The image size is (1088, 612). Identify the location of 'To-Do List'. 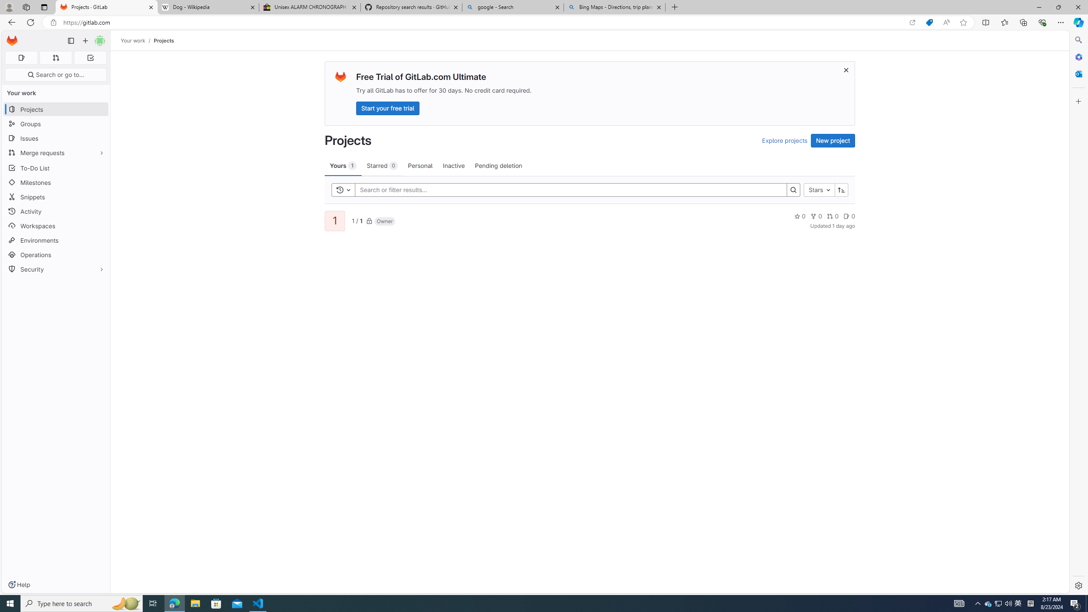
(55, 167).